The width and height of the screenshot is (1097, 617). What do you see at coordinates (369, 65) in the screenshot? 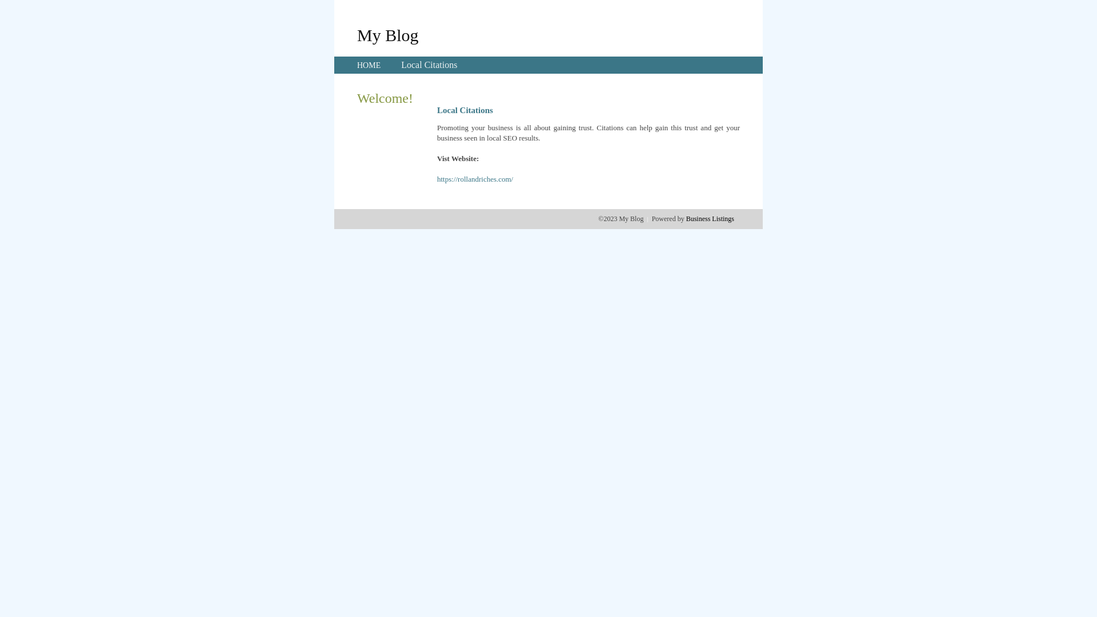
I see `'HOME'` at bounding box center [369, 65].